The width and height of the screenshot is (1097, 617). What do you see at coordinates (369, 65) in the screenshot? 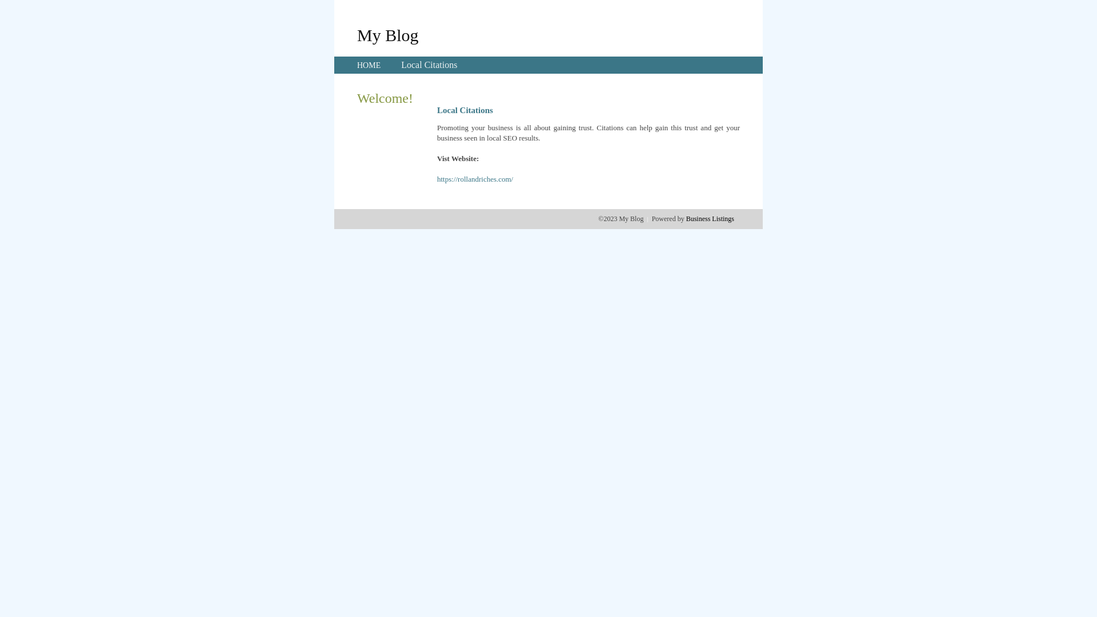
I see `'HOME'` at bounding box center [369, 65].